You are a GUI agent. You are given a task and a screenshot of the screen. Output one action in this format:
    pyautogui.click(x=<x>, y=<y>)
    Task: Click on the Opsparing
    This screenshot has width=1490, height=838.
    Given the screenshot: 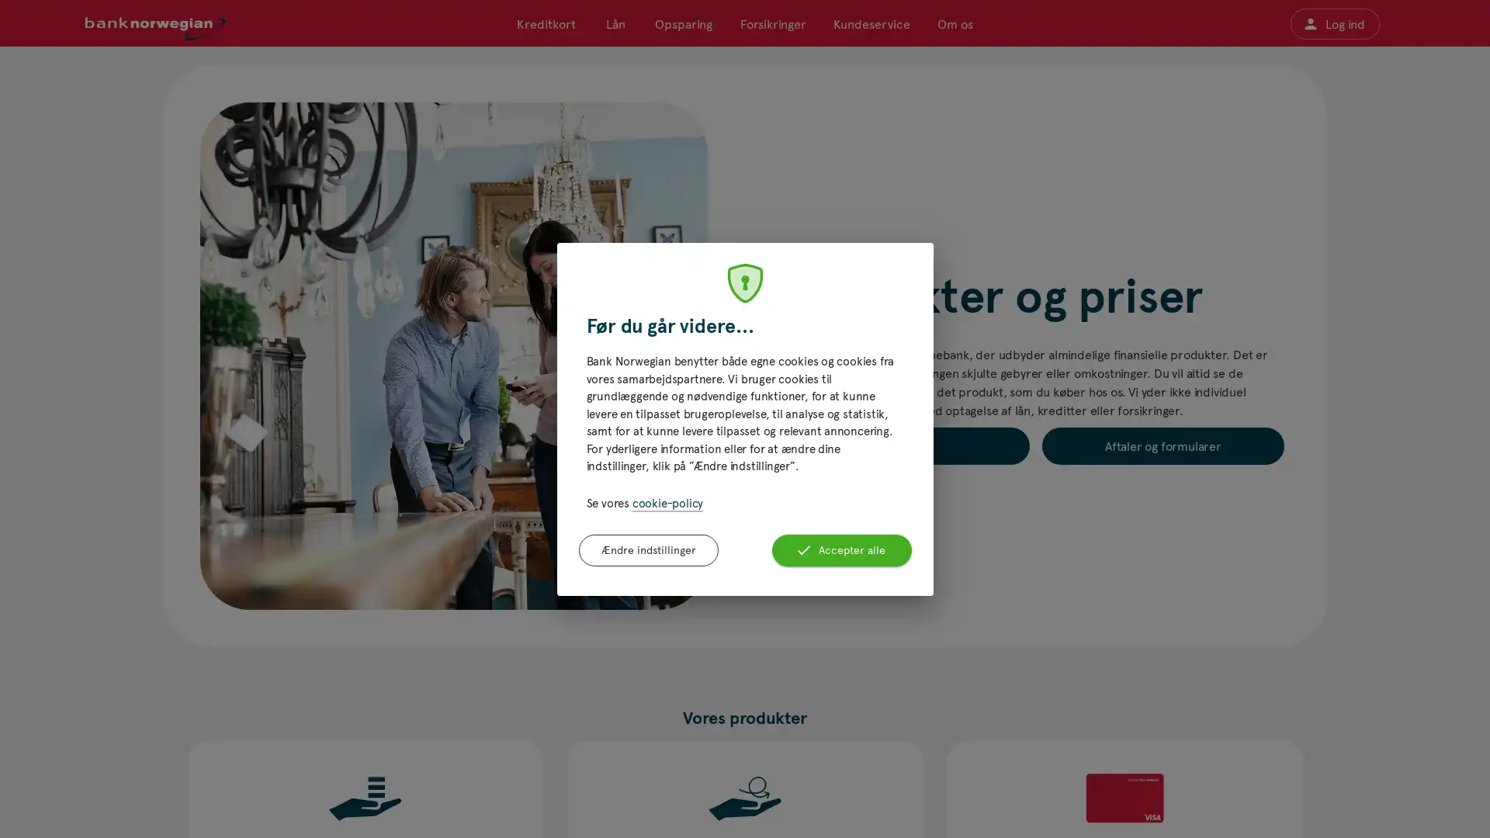 What is the action you would take?
    pyautogui.click(x=683, y=23)
    